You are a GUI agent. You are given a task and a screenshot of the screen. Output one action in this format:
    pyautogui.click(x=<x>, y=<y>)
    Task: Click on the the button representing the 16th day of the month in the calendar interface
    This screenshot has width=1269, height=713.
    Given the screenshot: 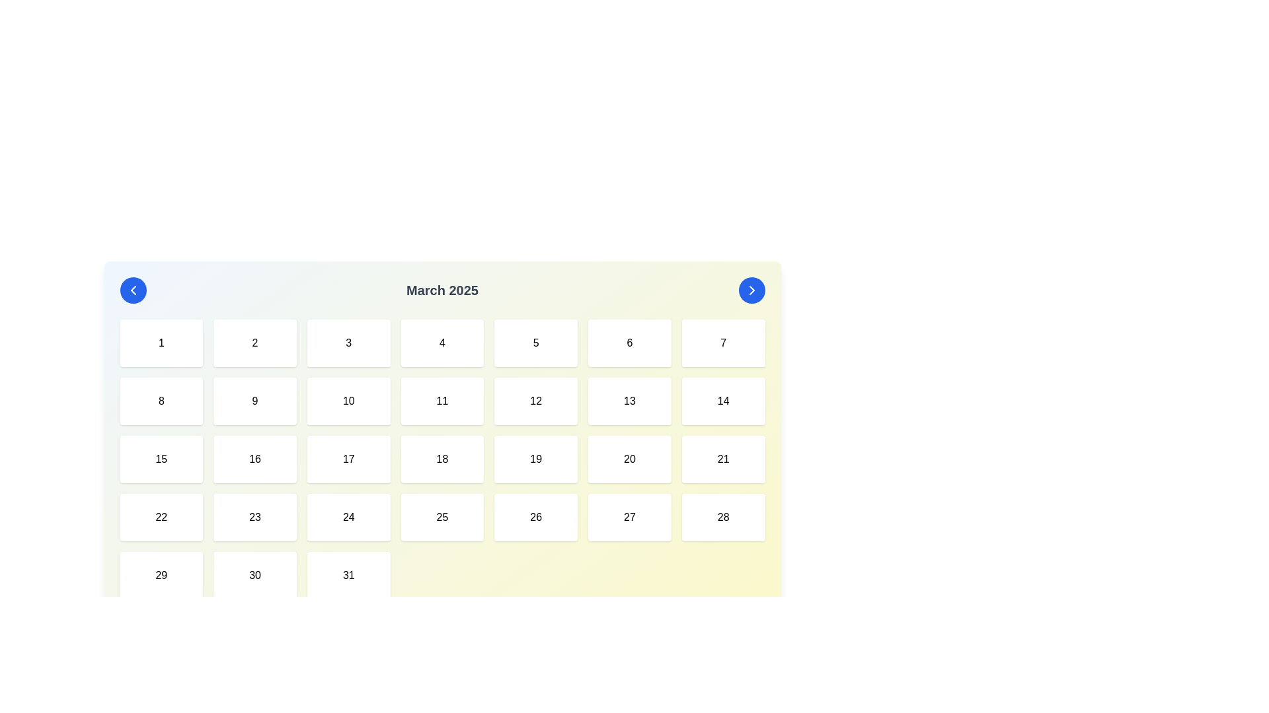 What is the action you would take?
    pyautogui.click(x=255, y=458)
    